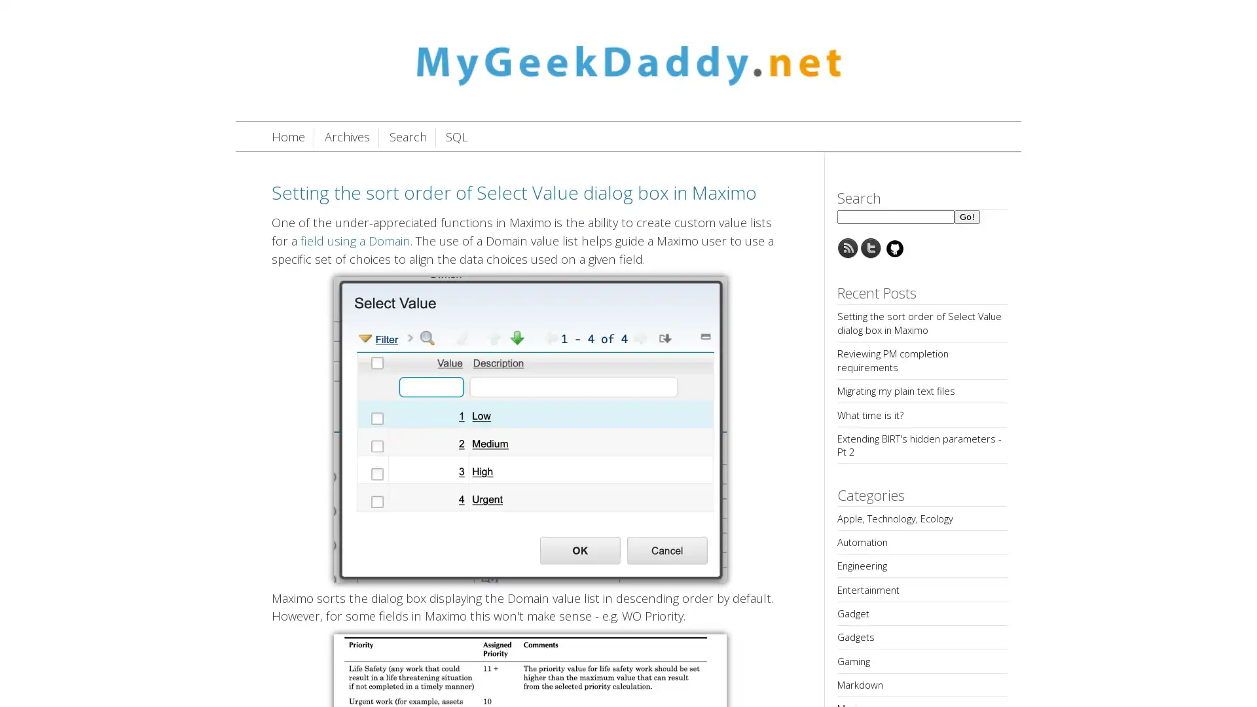  What do you see at coordinates (967, 216) in the screenshot?
I see `Go!` at bounding box center [967, 216].